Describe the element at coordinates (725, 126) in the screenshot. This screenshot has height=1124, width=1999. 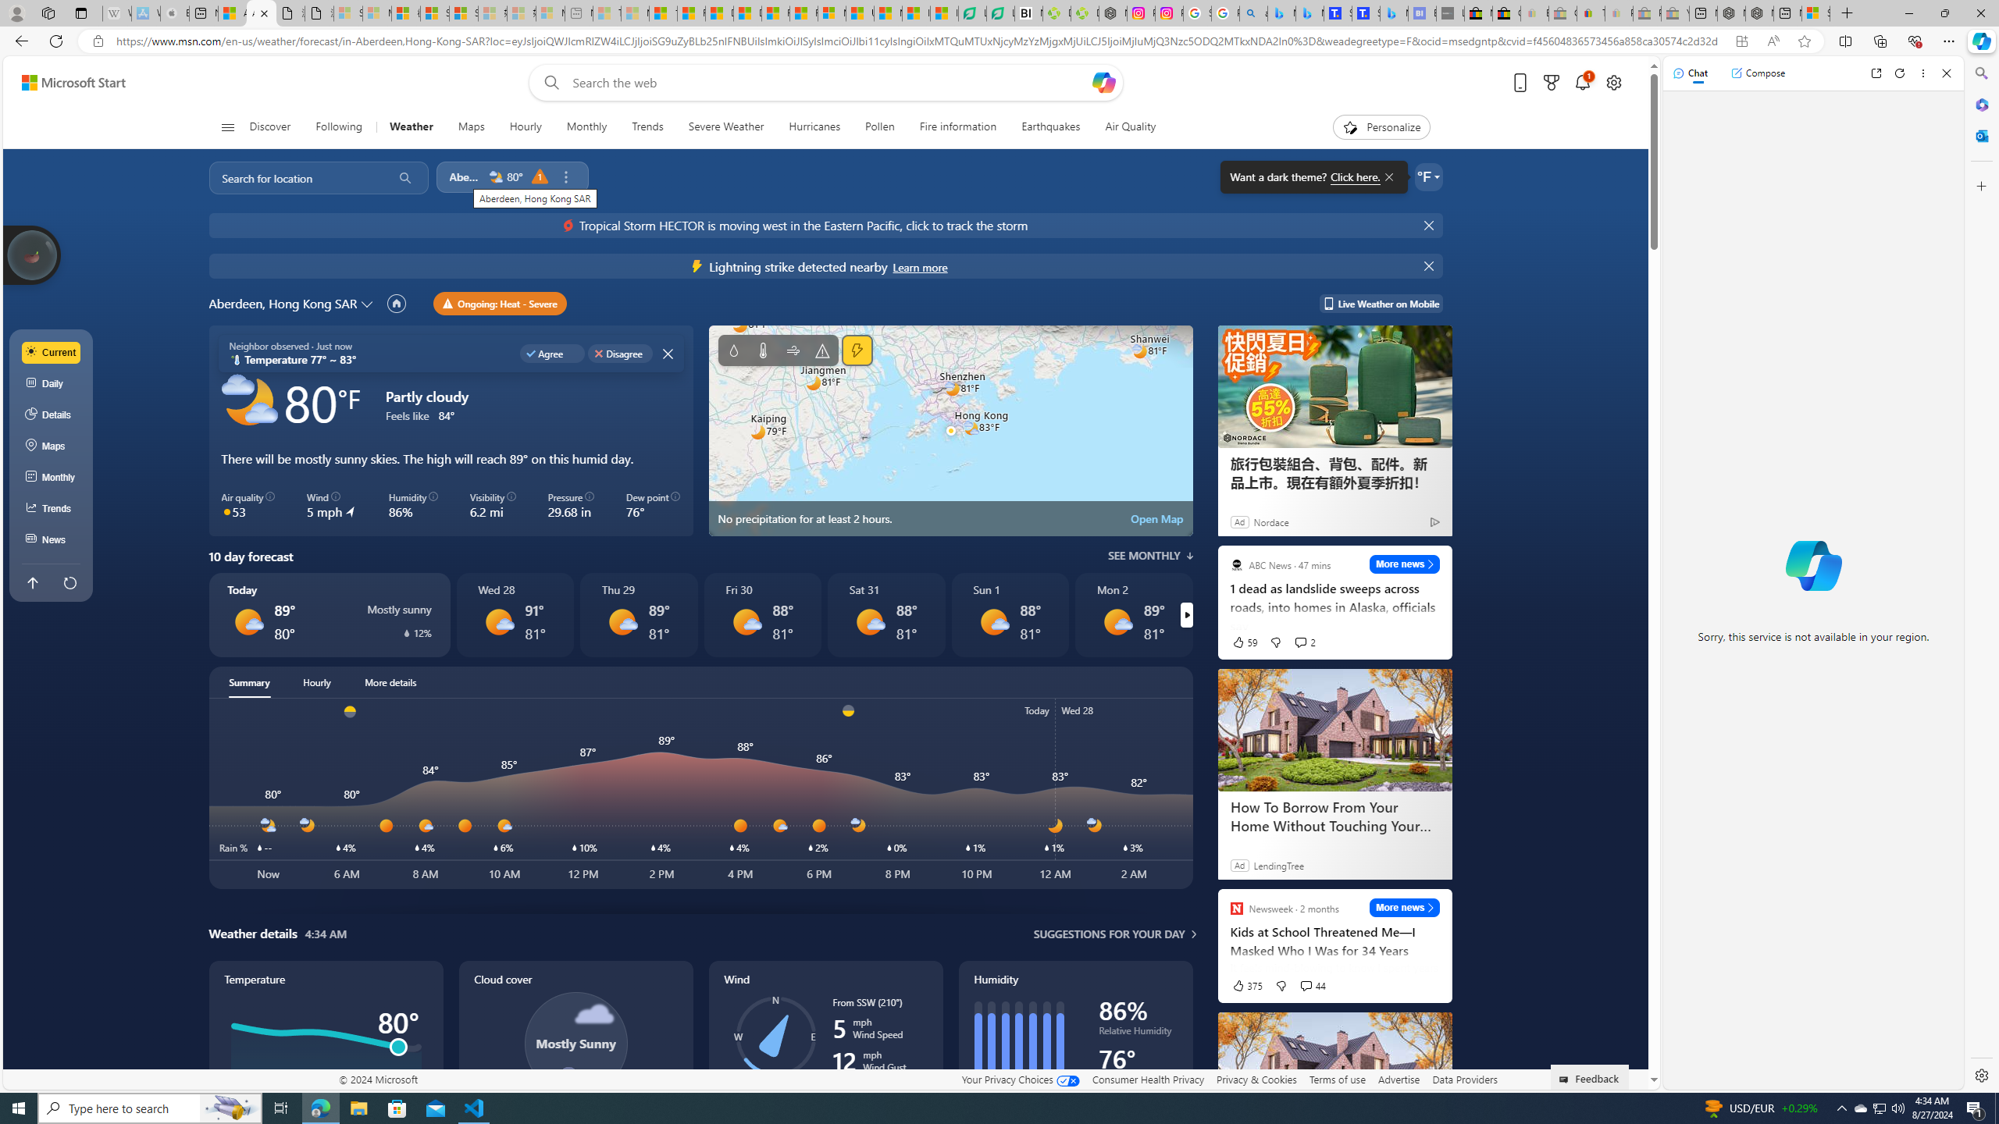
I see `'Severe Weather'` at that location.